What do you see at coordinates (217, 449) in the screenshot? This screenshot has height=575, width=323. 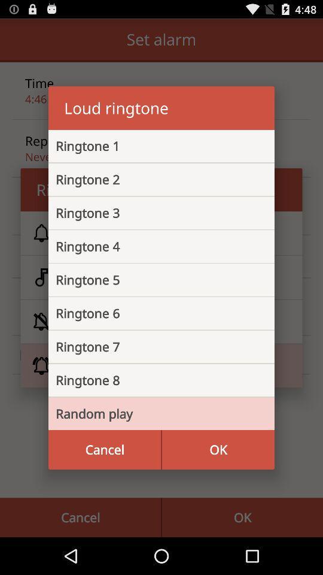 I see `ok item` at bounding box center [217, 449].